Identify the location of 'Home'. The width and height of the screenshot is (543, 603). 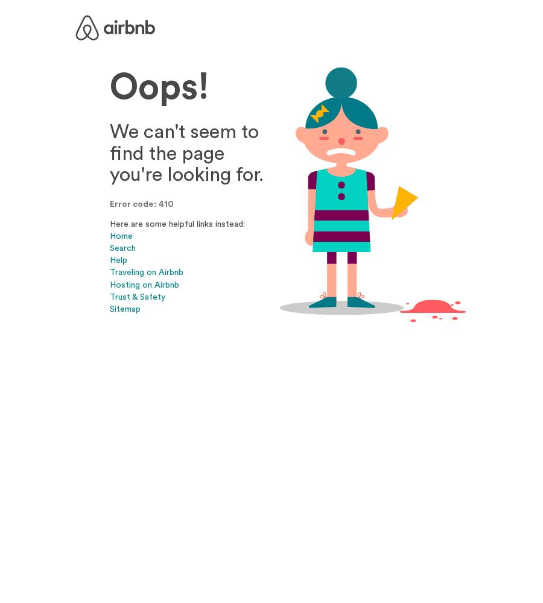
(109, 236).